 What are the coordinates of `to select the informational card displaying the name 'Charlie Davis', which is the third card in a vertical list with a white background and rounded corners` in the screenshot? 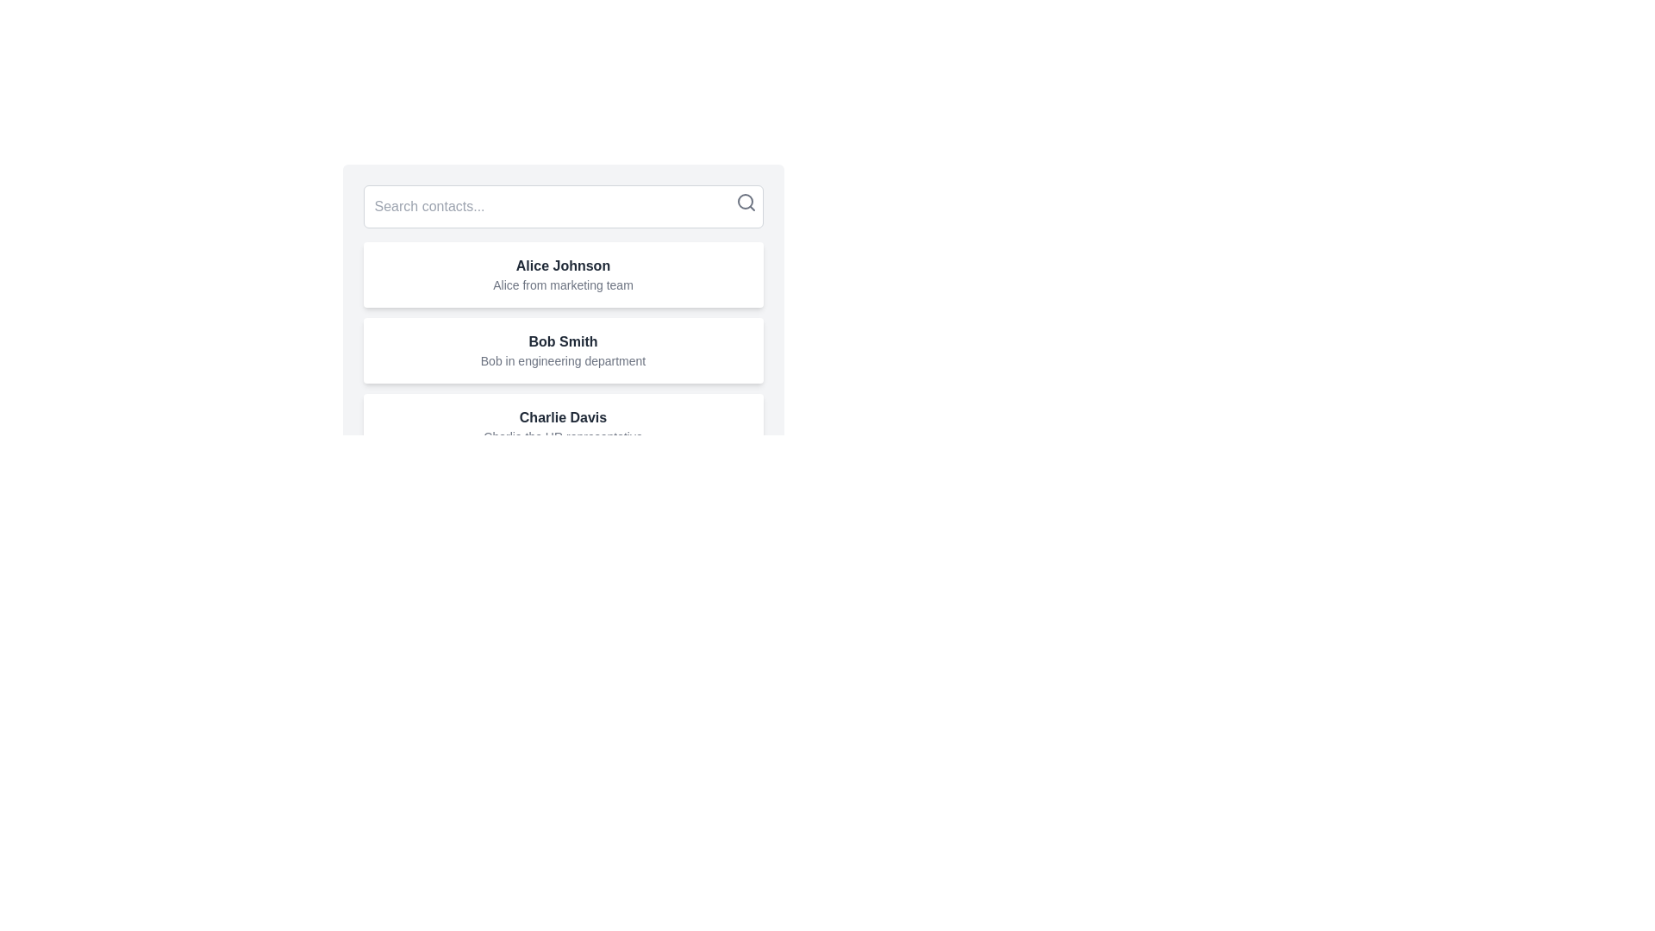 It's located at (563, 426).